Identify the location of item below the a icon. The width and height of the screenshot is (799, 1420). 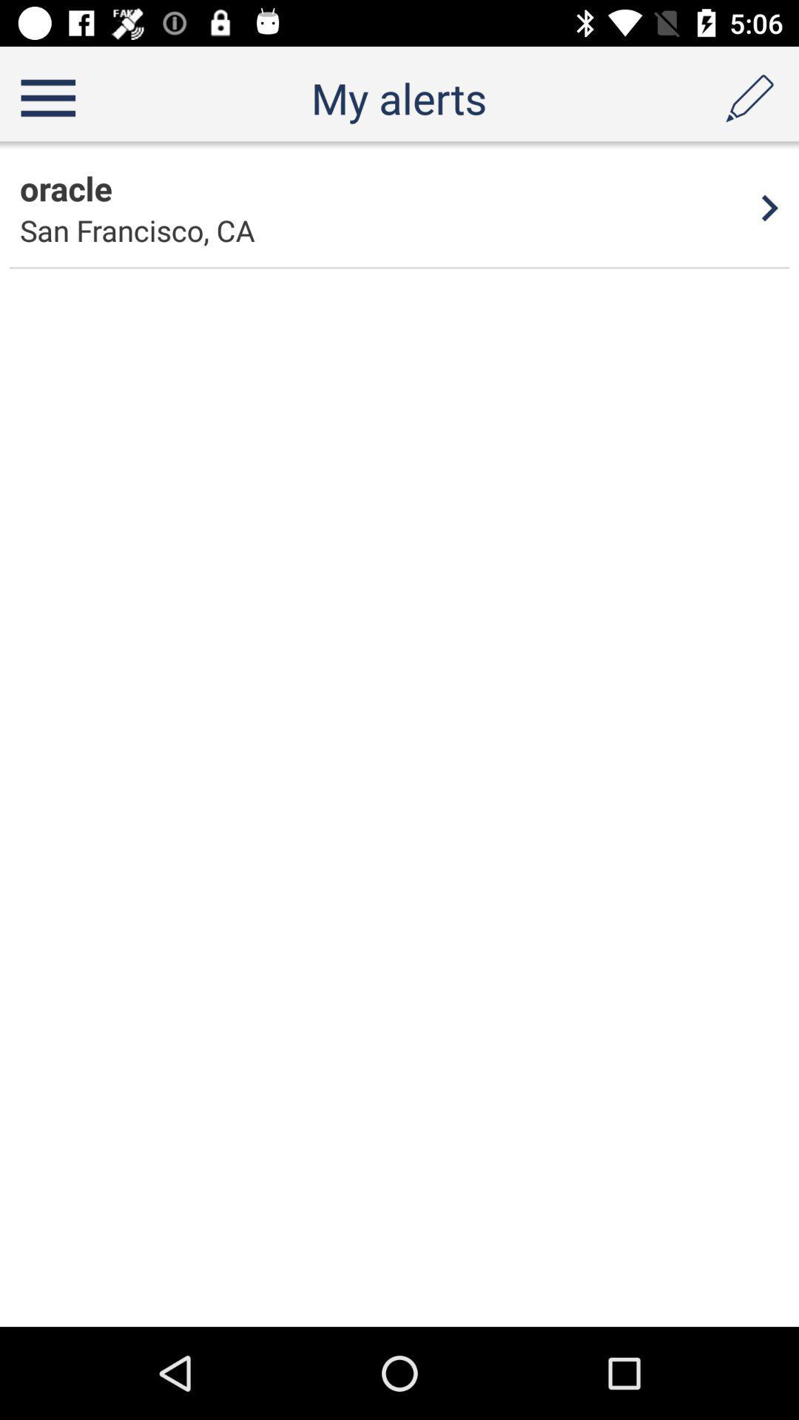
(769, 207).